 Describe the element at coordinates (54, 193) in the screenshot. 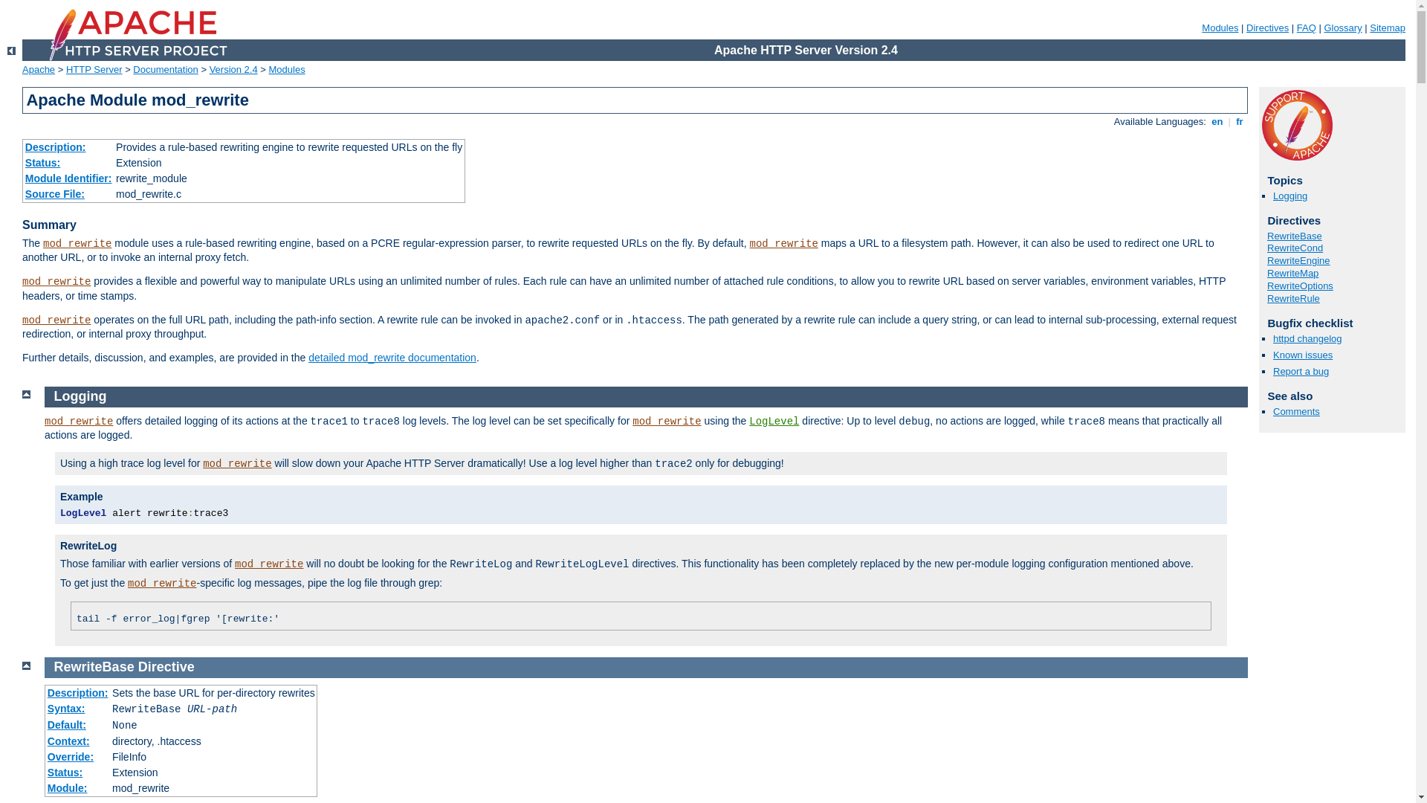

I see `'Source File:'` at that location.